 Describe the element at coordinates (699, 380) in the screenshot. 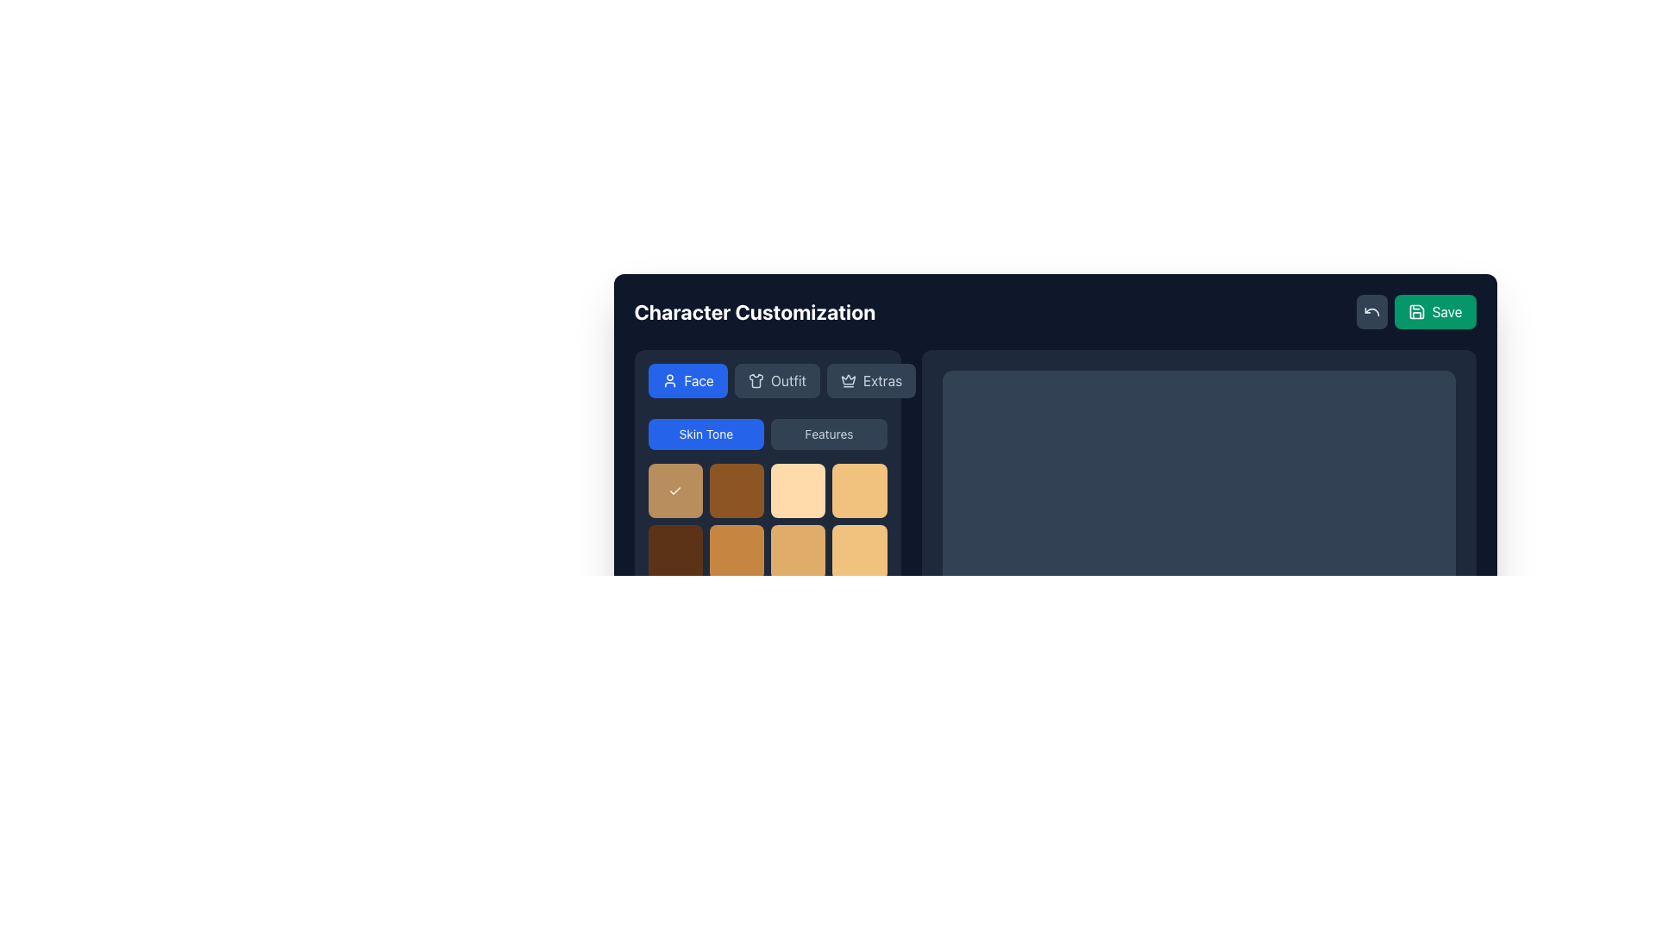

I see `the 'Face' button label` at that location.